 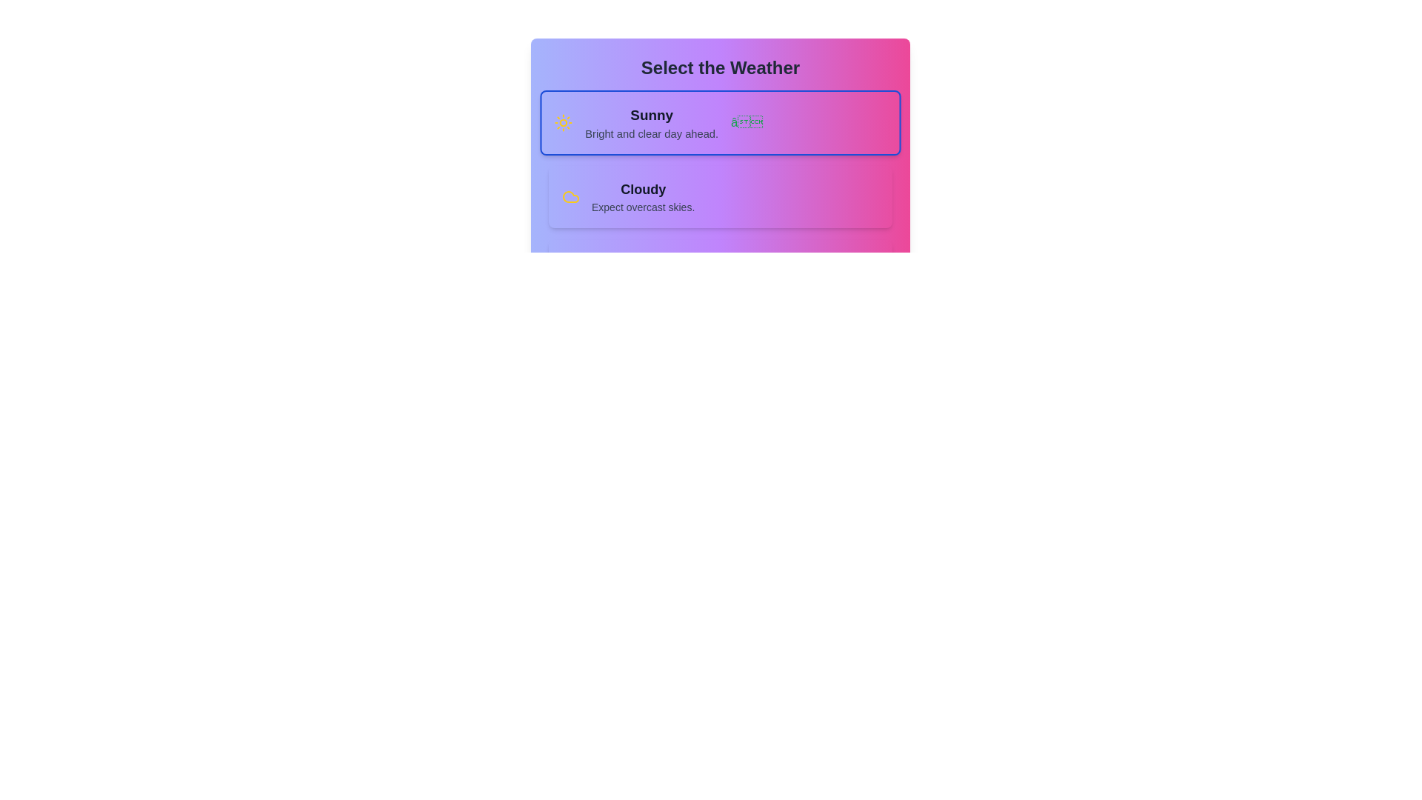 What do you see at coordinates (643, 196) in the screenshot?
I see `text from the Text Block that displays 'Cloudy' and 'Expect overcast skies.'` at bounding box center [643, 196].